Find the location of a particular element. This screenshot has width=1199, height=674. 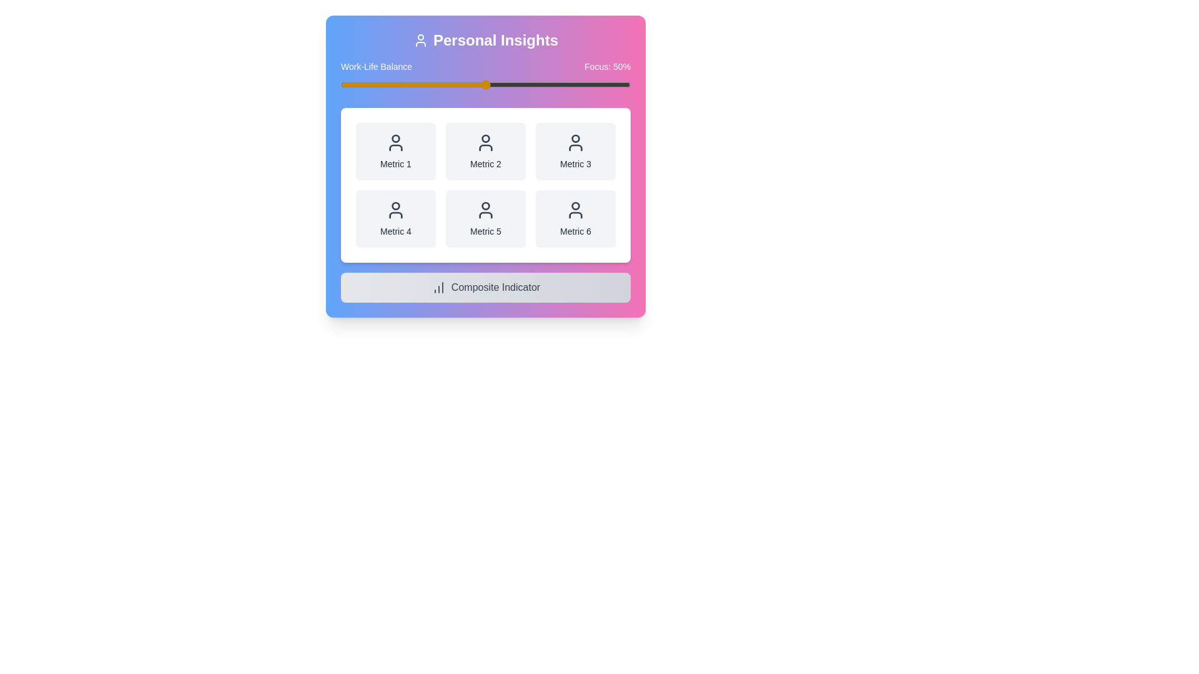

the metric card labeled Metric 3 is located at coordinates (575, 151).